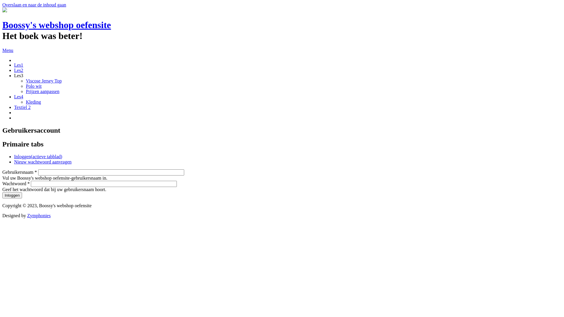  I want to click on 'Inloggen', so click(12, 195).